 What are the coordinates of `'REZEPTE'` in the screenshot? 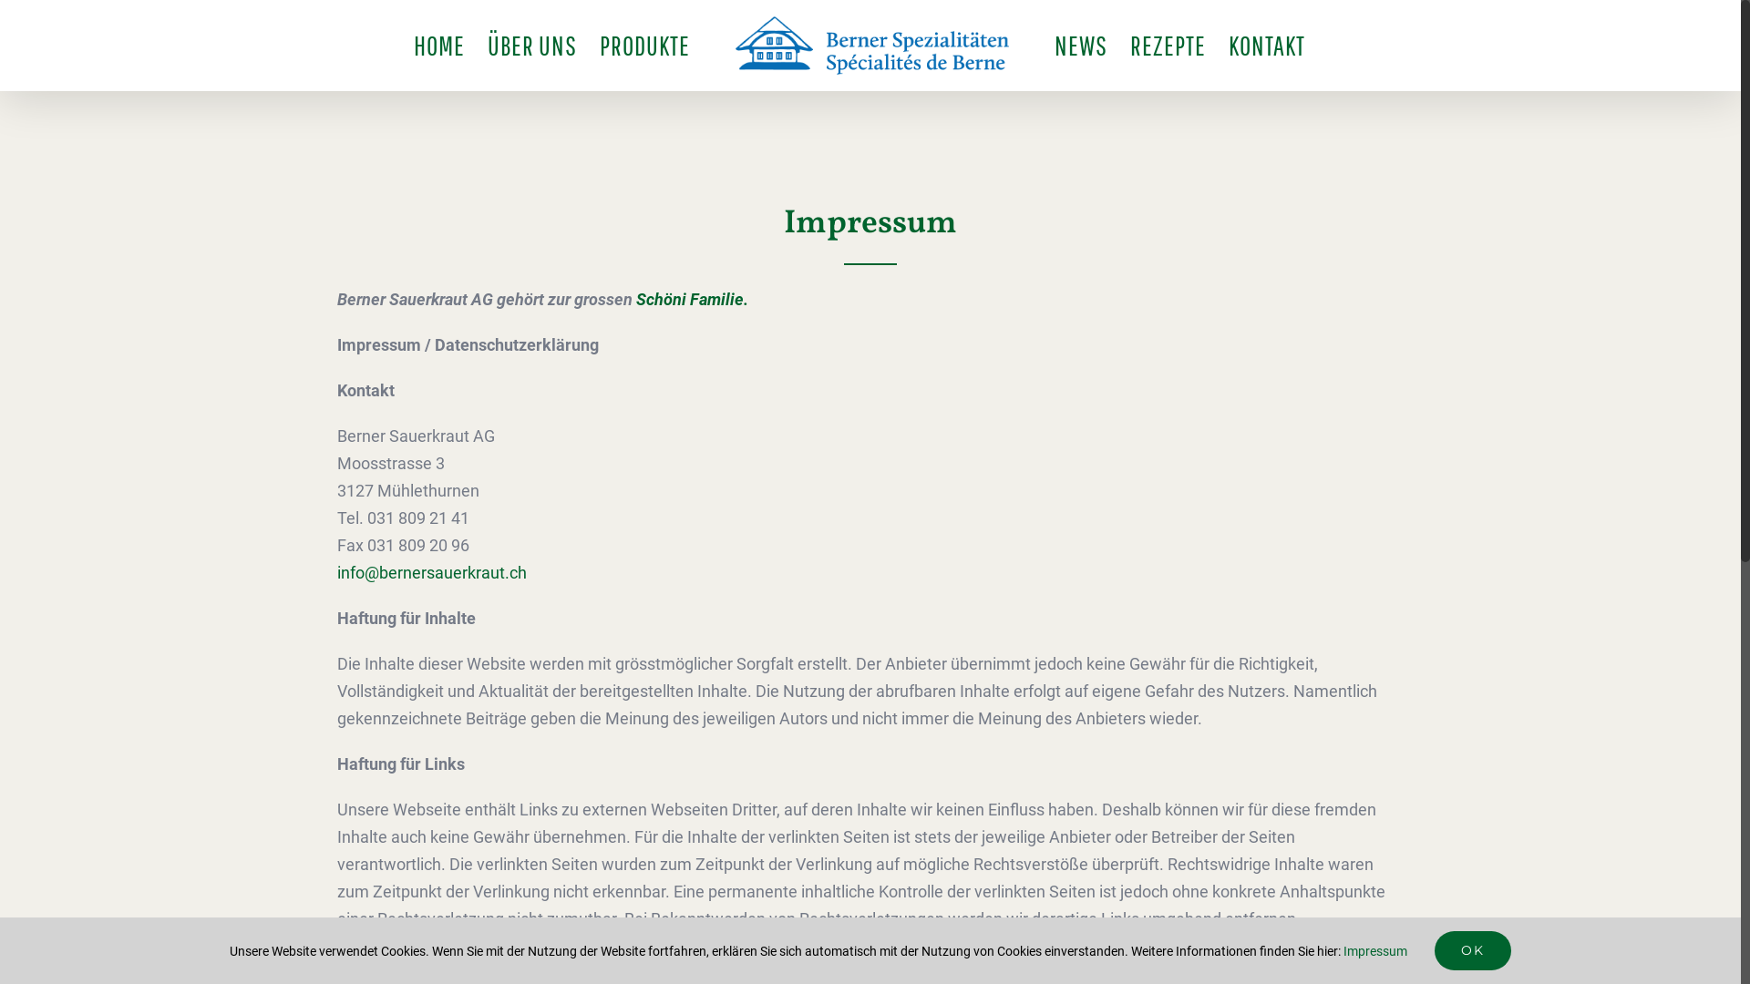 It's located at (1168, 45).